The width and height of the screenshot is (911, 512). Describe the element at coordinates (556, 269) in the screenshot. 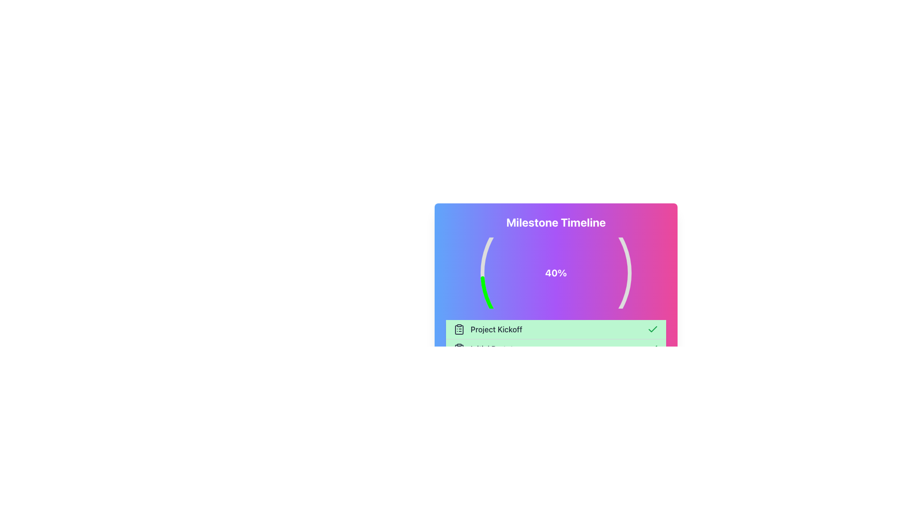

I see `the Circular Progress Indicator that shows 40% completion within the Milestone Timeline widget` at that location.